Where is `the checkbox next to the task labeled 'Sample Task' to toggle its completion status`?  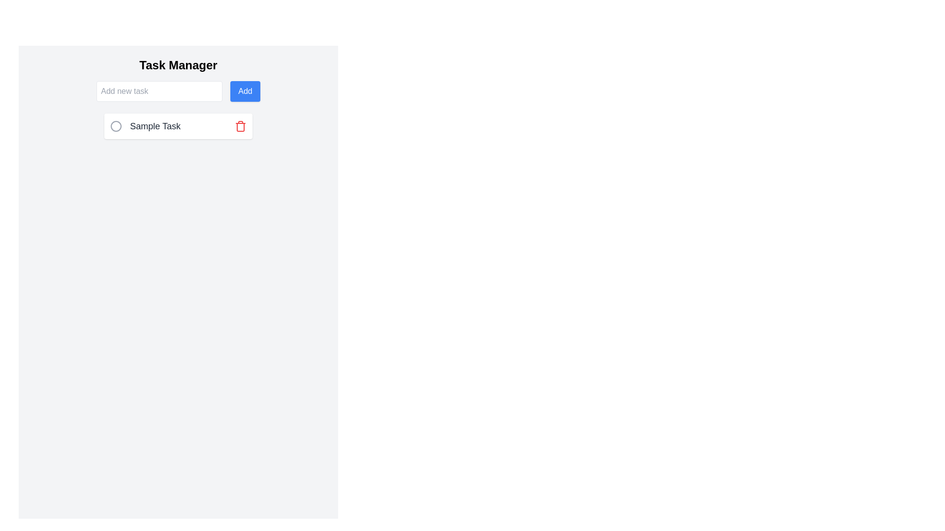
the checkbox next to the task labeled 'Sample Task' to toggle its completion status is located at coordinates (116, 126).